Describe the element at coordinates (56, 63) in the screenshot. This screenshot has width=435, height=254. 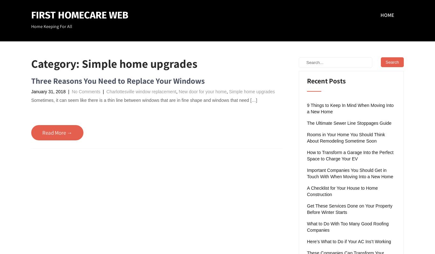
I see `'Category:'` at that location.